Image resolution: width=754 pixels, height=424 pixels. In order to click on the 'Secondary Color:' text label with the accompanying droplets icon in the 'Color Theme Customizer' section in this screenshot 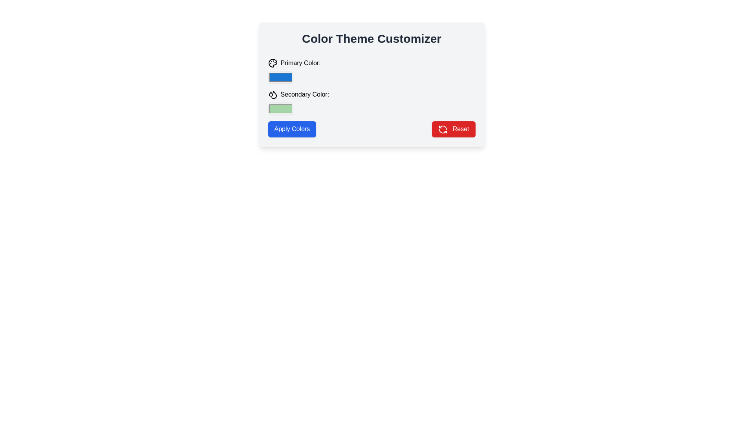, I will do `click(298, 96)`.